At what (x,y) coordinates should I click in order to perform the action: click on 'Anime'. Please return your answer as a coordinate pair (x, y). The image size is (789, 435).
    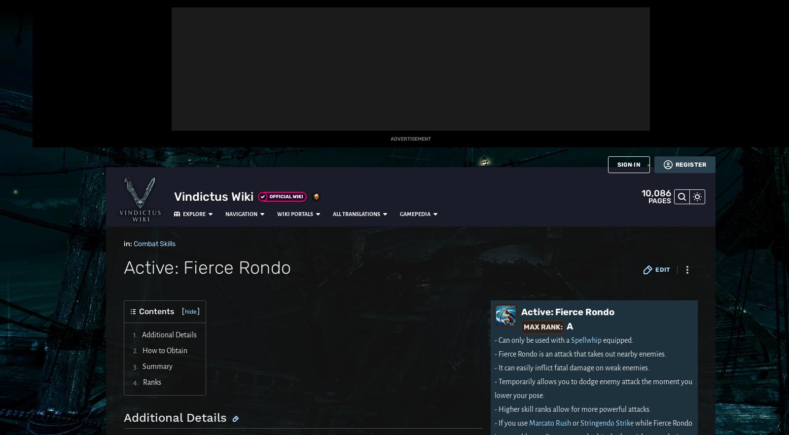
    Looking at the image, I should click on (15, 176).